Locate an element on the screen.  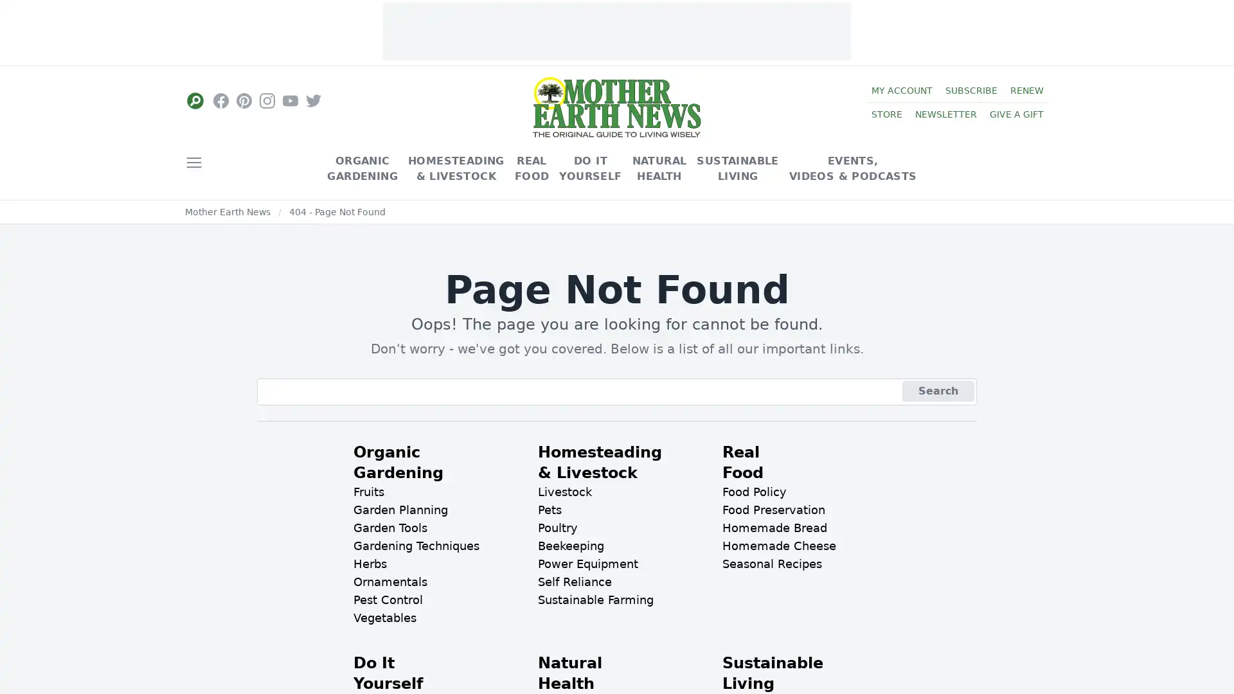
Sign Up Now! is located at coordinates (616, 391).